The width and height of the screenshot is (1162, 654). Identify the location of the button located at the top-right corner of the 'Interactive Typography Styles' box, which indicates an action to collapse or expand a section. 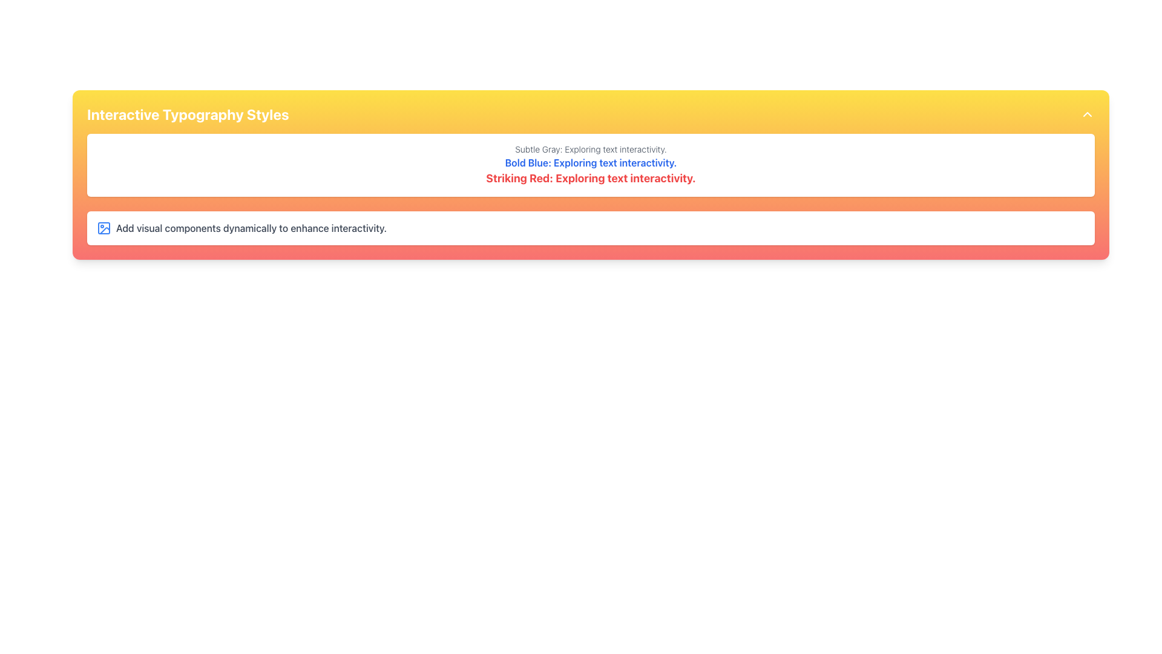
(1087, 114).